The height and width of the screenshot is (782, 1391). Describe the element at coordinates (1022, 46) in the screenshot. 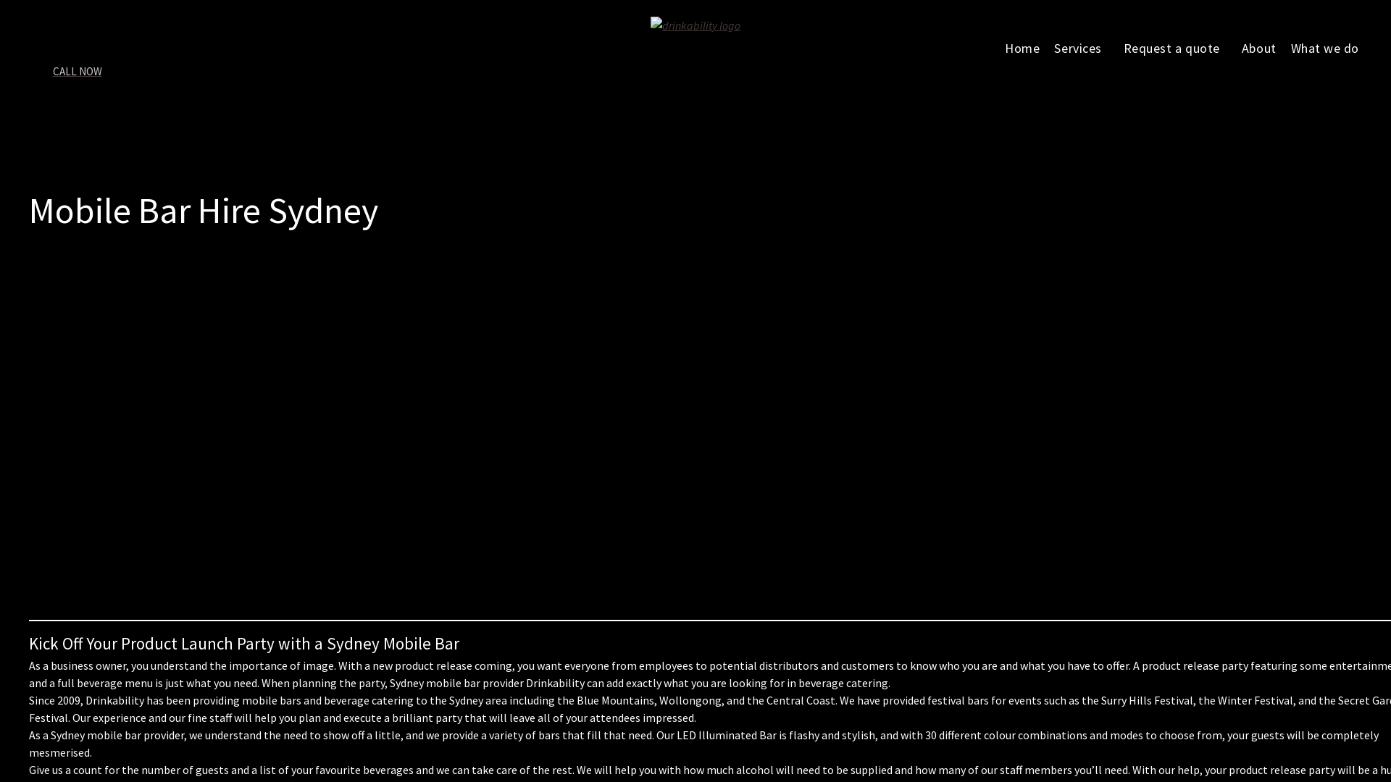

I see `'Home'` at that location.